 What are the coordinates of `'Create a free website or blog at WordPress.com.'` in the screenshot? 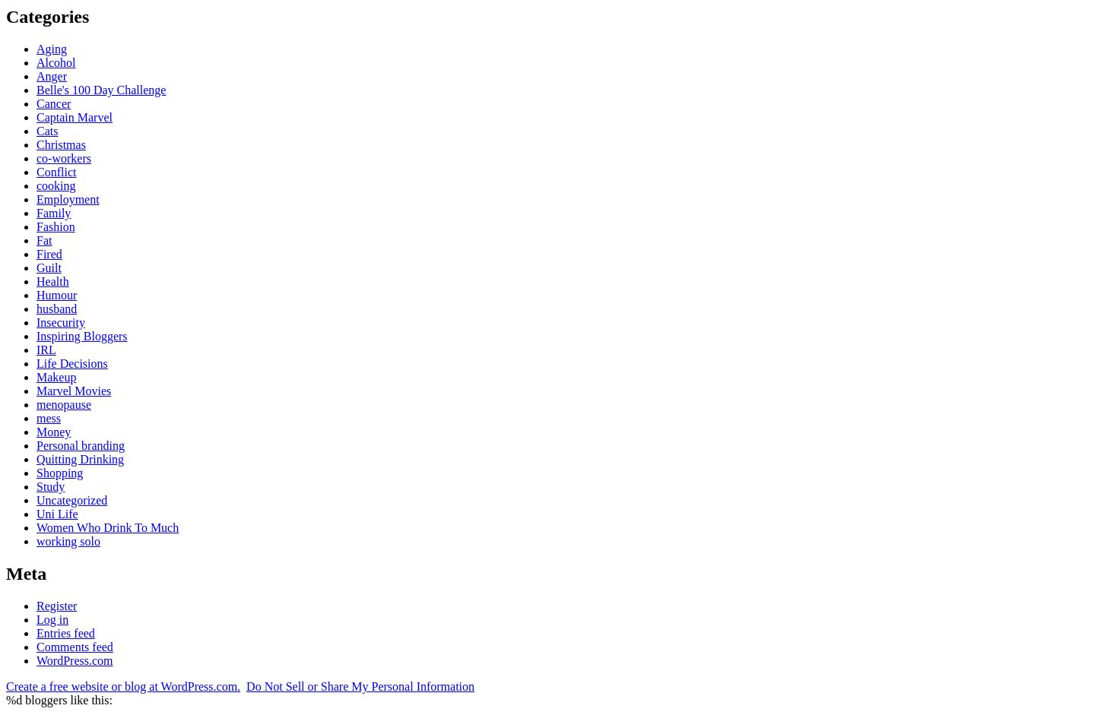 It's located at (5, 685).